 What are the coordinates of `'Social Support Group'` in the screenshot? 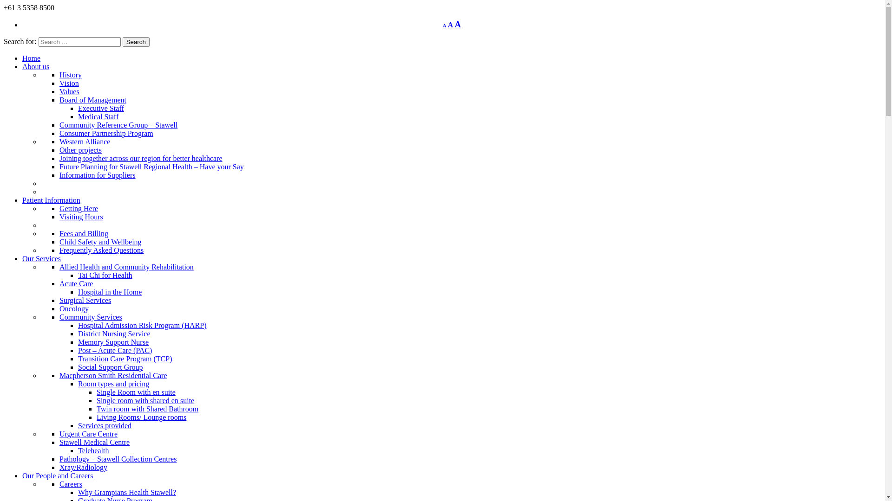 It's located at (78, 366).